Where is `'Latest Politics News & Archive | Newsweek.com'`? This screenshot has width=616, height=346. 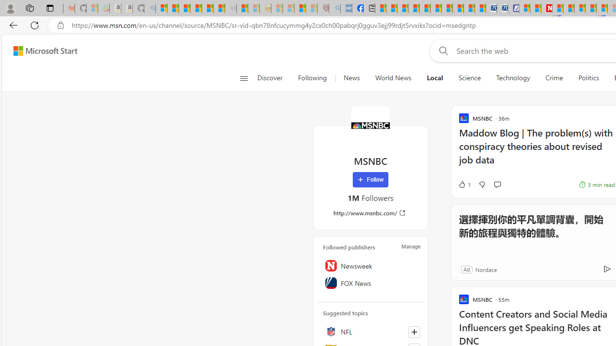
'Latest Politics News & Archive | Newsweek.com' is located at coordinates (547, 8).